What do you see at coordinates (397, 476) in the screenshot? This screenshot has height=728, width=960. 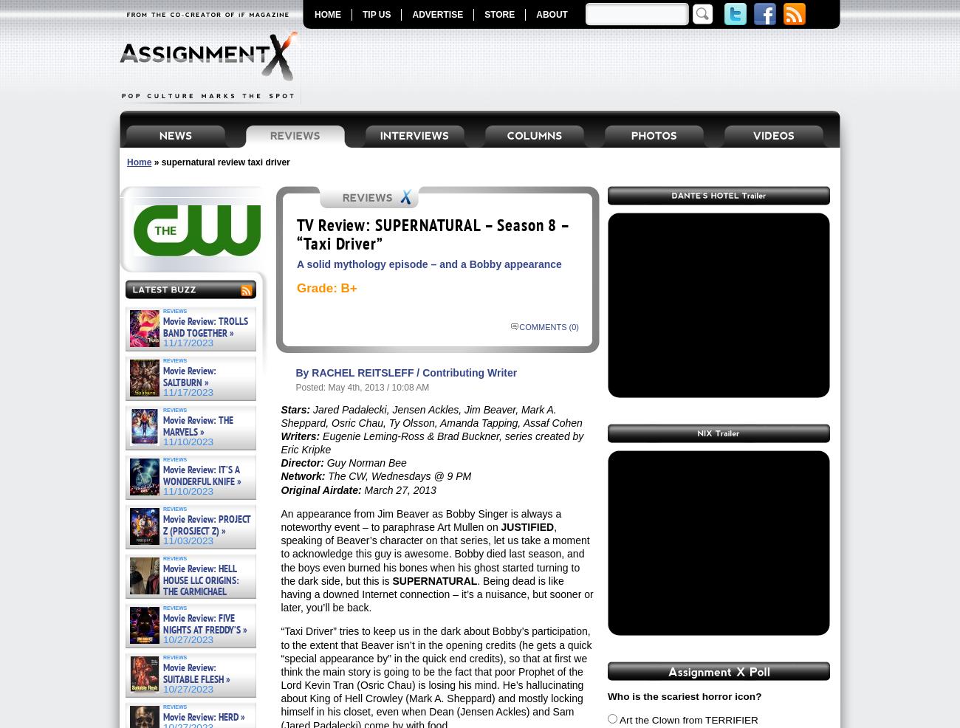 I see `'The CW, Wednesdays @ 9 PM'` at bounding box center [397, 476].